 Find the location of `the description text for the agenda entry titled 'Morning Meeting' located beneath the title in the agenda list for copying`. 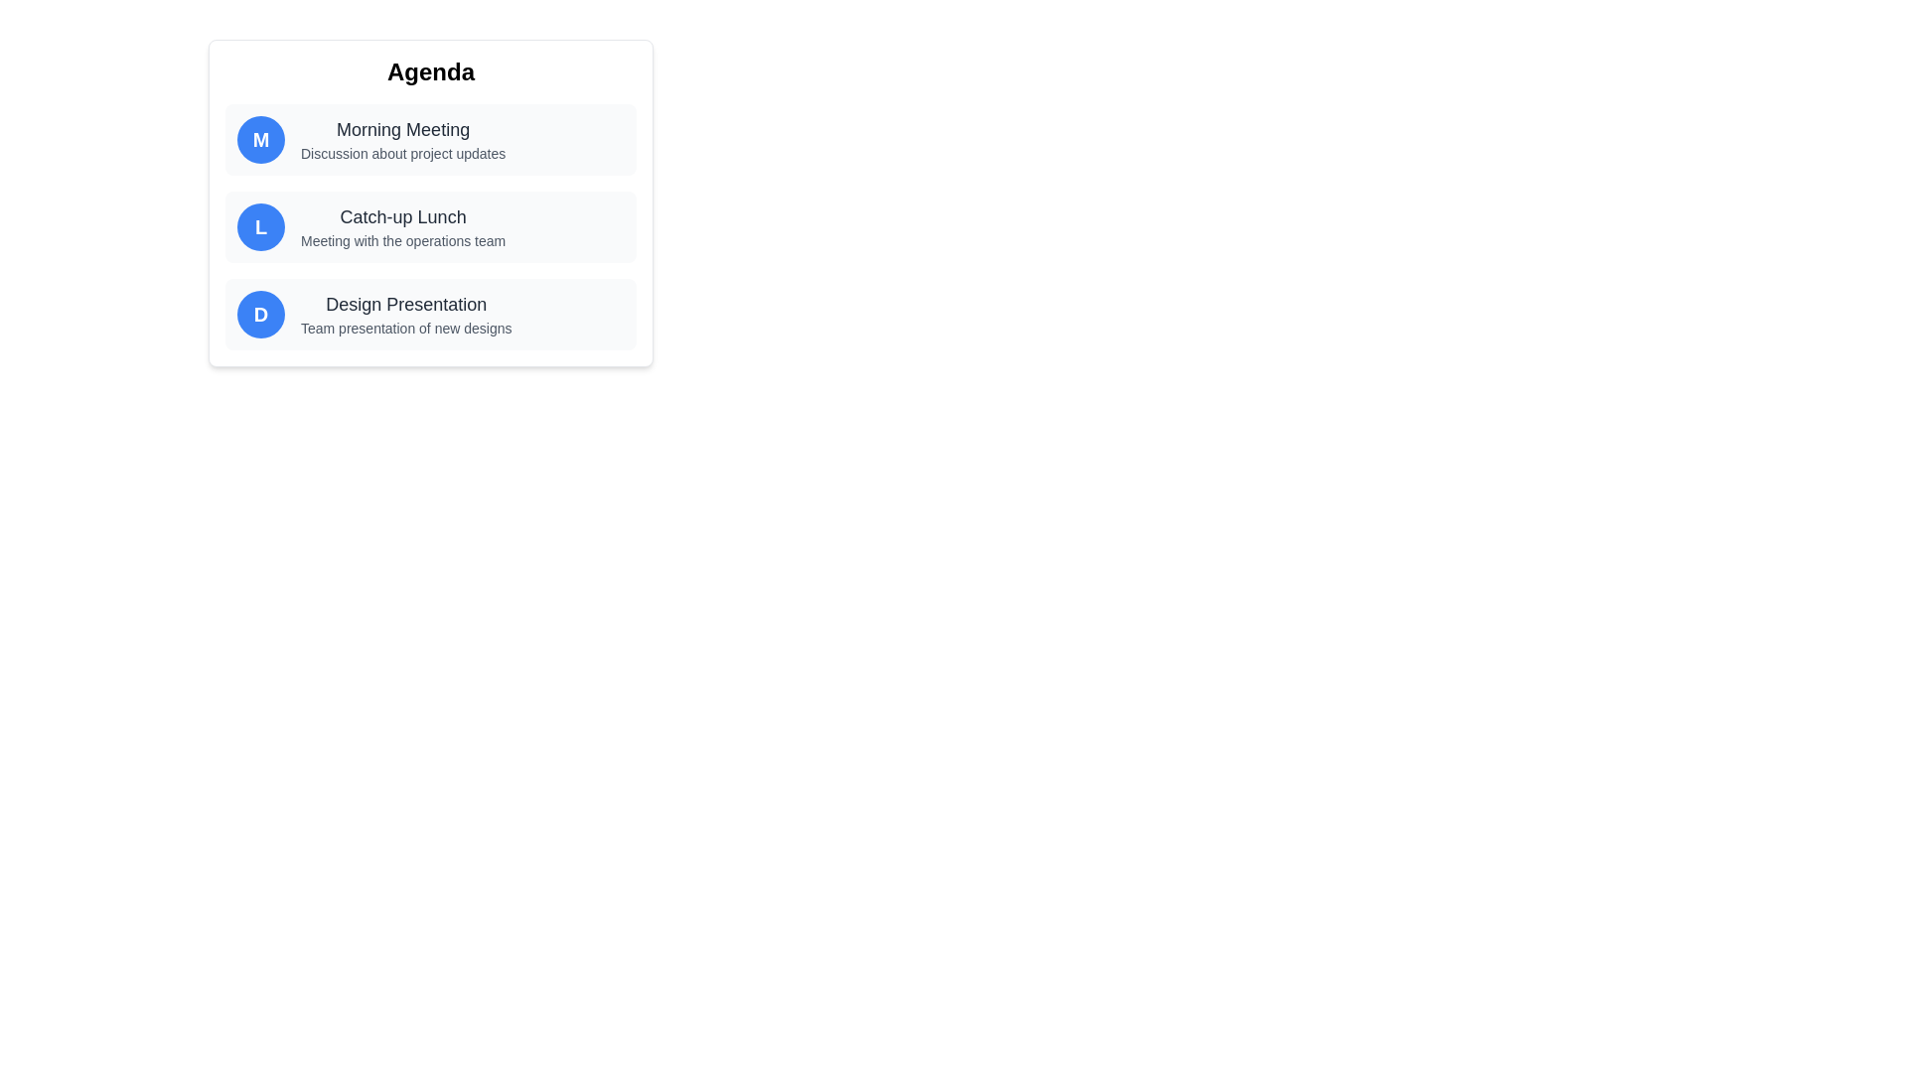

the description text for the agenda entry titled 'Morning Meeting' located beneath the title in the agenda list for copying is located at coordinates (402, 152).